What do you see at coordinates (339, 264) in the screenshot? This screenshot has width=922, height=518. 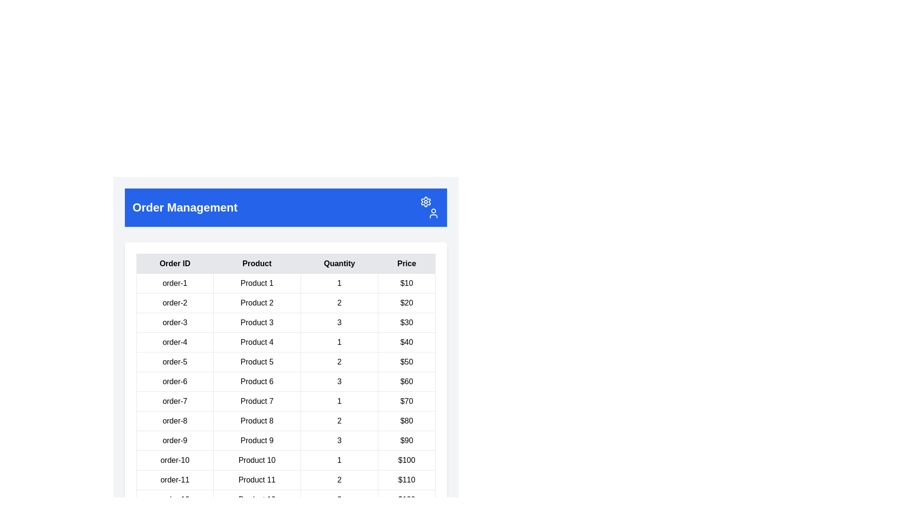 I see `the 'Quantity' table header cell, which is the third column header in a table row of four headers, located between the 'Product' and 'Price' headers` at bounding box center [339, 264].